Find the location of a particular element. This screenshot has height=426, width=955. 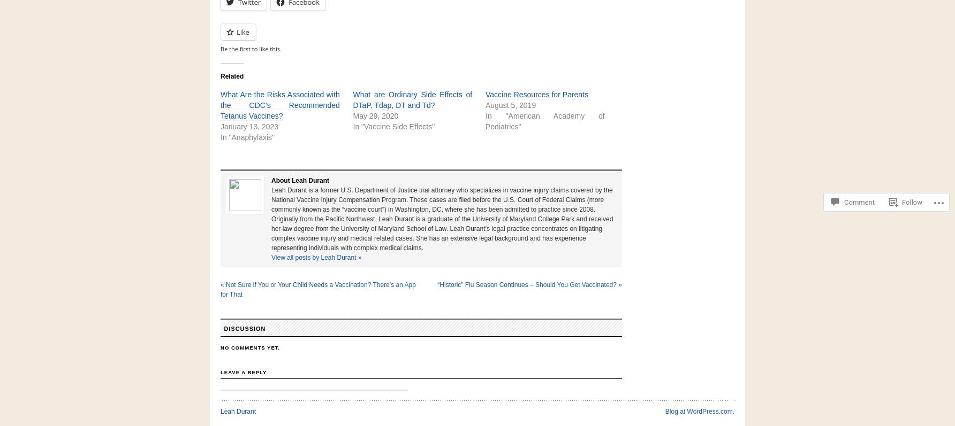

'No comments yet.' is located at coordinates (250, 347).